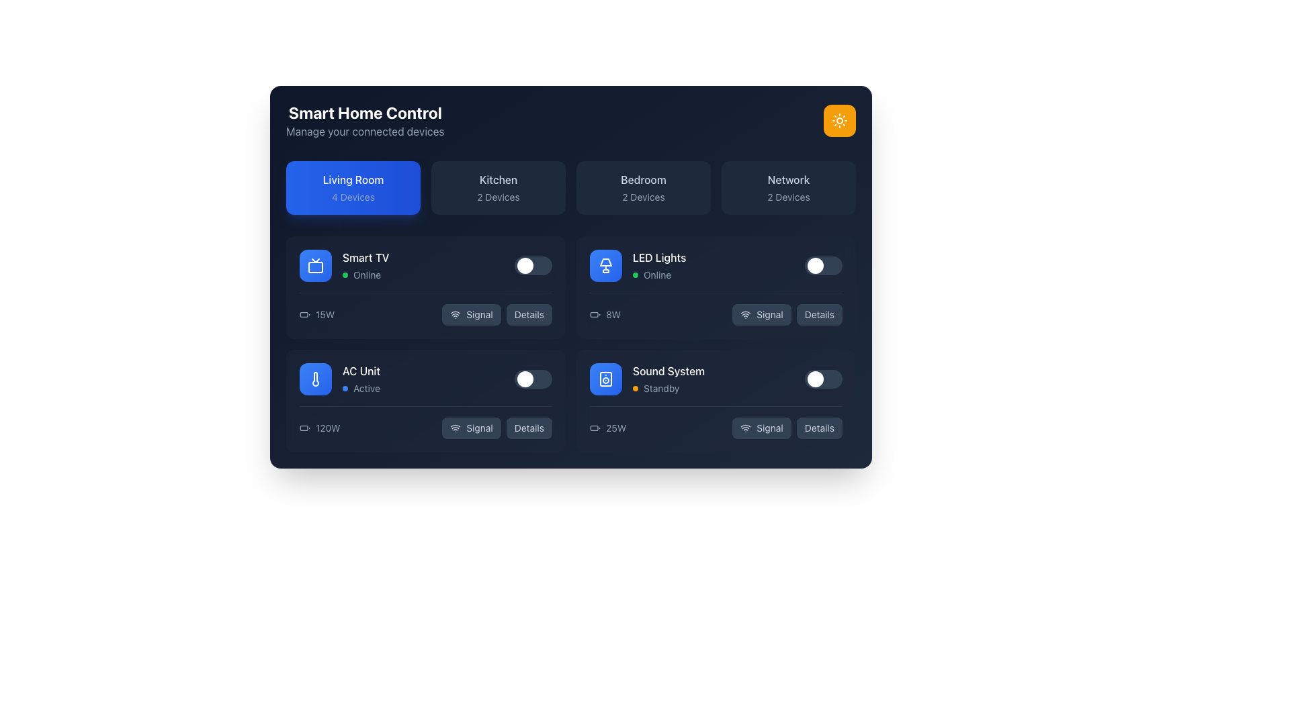 The width and height of the screenshot is (1290, 725). Describe the element at coordinates (361, 388) in the screenshot. I see `the Status indicator displaying 'Active' next to a small, rounded blue dot, located in the bottom-left quadrant of the AC Unit card` at that location.